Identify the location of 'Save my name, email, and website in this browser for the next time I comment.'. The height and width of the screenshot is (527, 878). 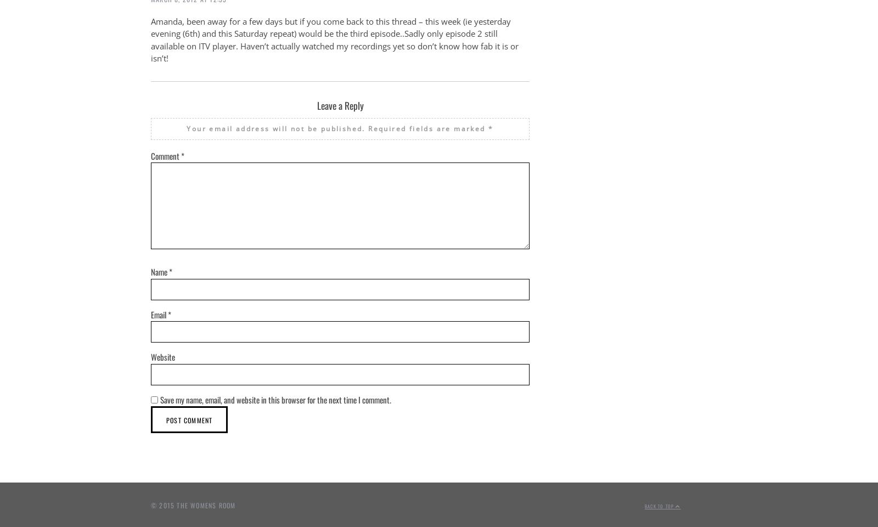
(275, 399).